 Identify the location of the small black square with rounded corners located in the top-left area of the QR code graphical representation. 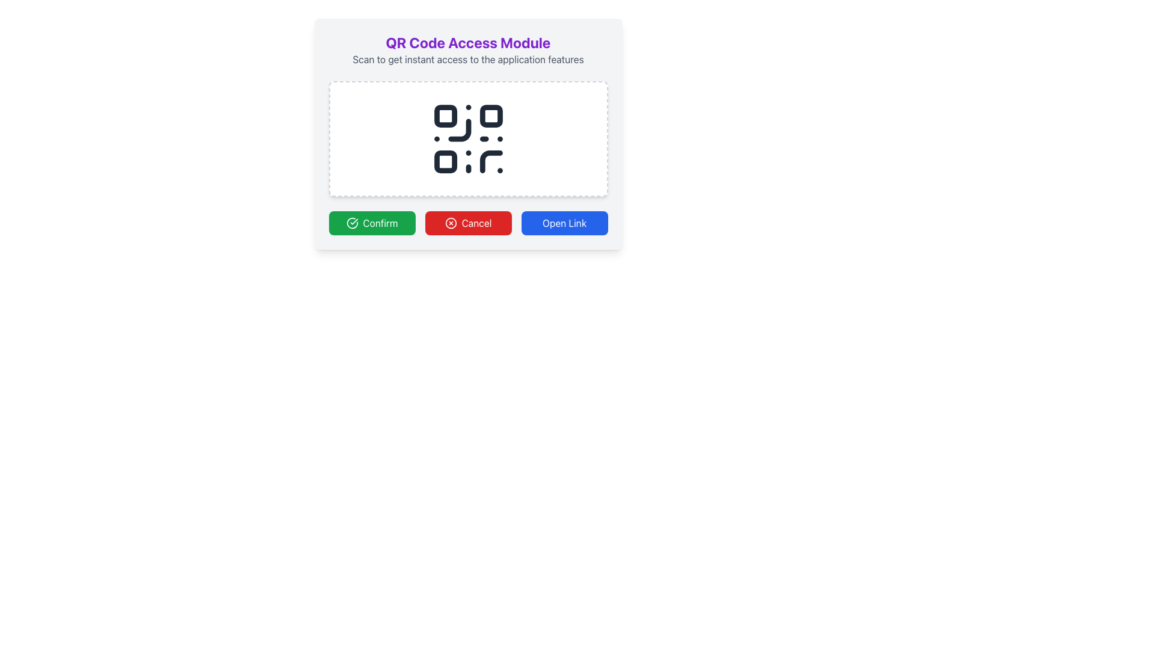
(445, 116).